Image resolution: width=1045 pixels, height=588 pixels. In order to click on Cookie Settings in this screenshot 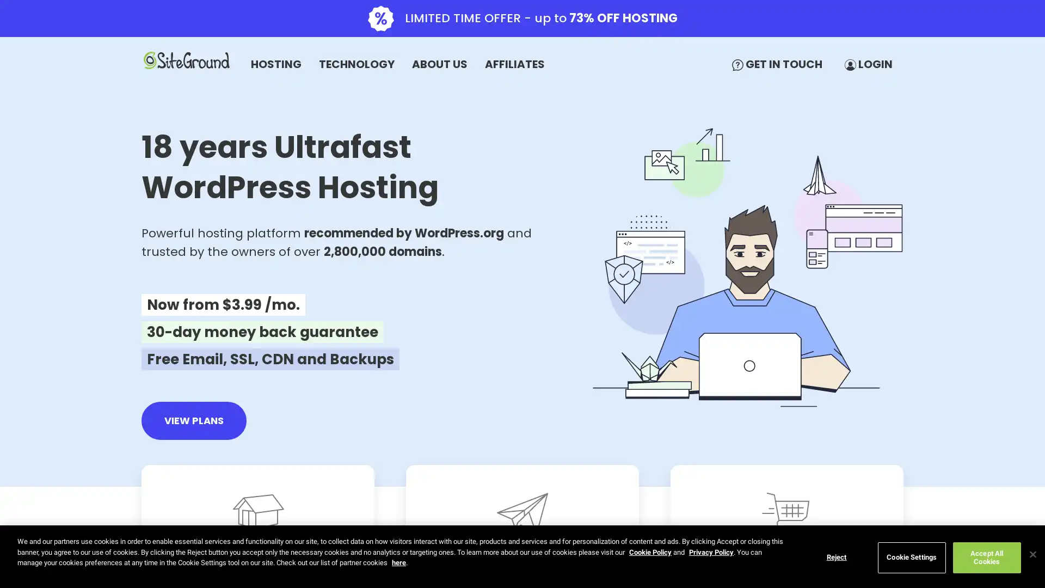, I will do `click(911, 557)`.